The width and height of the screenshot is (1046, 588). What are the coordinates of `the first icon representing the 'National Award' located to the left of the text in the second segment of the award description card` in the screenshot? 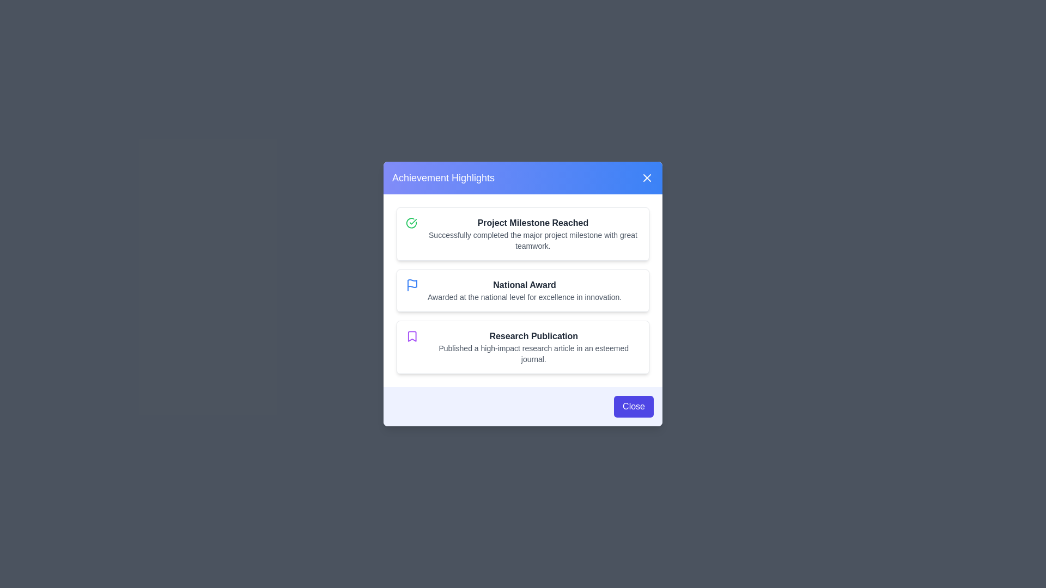 It's located at (412, 285).